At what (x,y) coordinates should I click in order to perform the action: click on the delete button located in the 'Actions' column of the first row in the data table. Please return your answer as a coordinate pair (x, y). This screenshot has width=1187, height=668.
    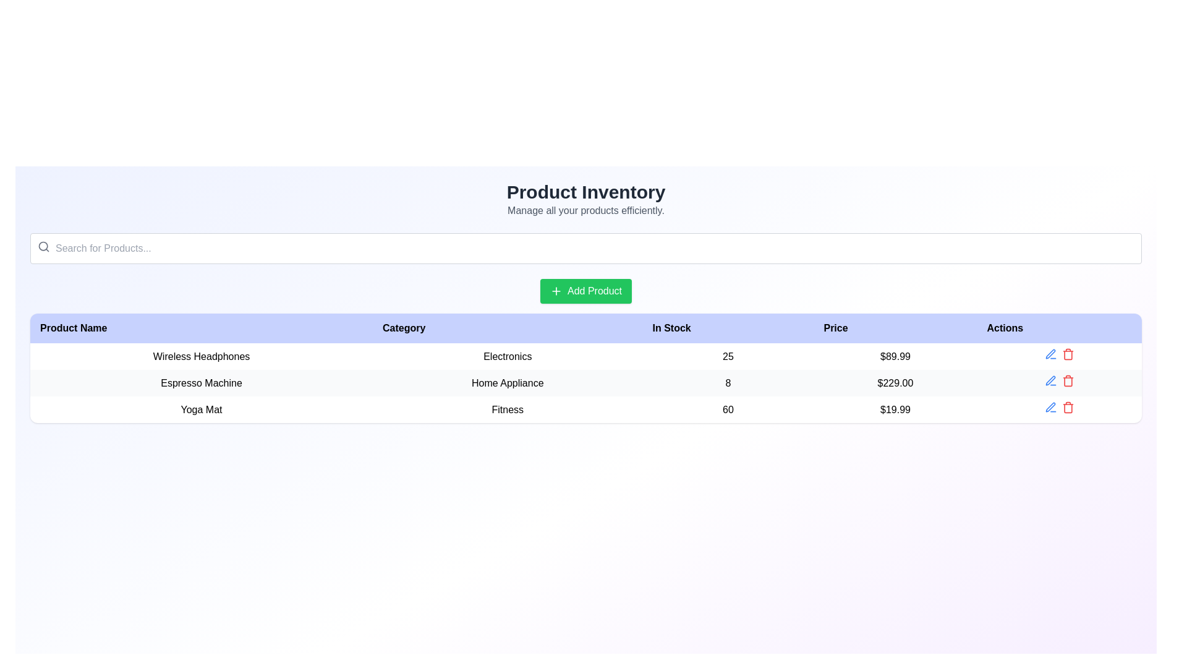
    Looking at the image, I should click on (1067, 354).